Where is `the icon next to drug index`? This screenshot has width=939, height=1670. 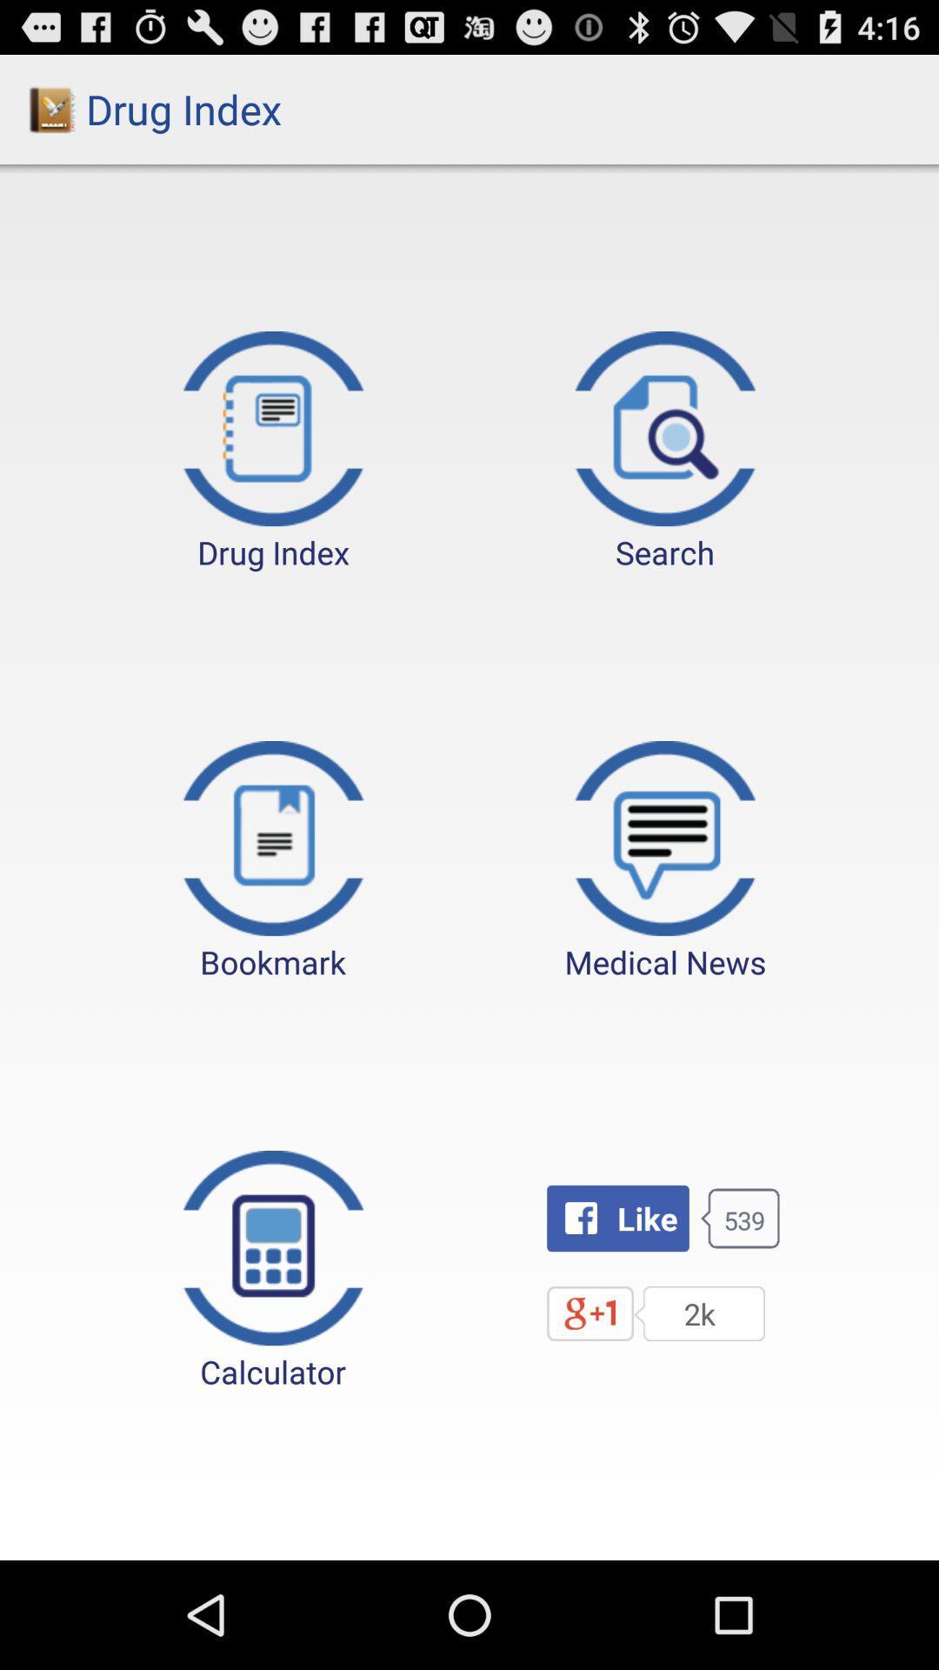 the icon next to drug index is located at coordinates (665, 452).